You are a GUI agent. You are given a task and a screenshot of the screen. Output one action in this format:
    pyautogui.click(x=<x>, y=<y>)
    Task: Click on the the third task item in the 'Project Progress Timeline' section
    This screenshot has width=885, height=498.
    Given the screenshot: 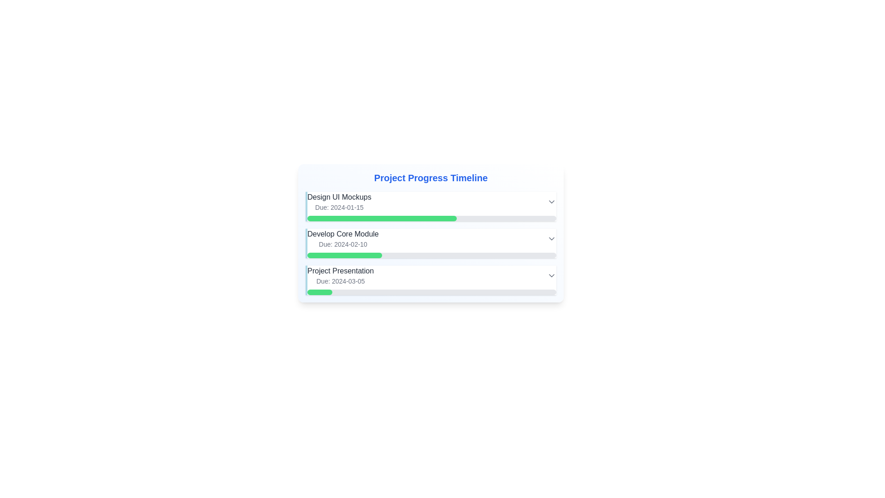 What is the action you would take?
    pyautogui.click(x=431, y=275)
    